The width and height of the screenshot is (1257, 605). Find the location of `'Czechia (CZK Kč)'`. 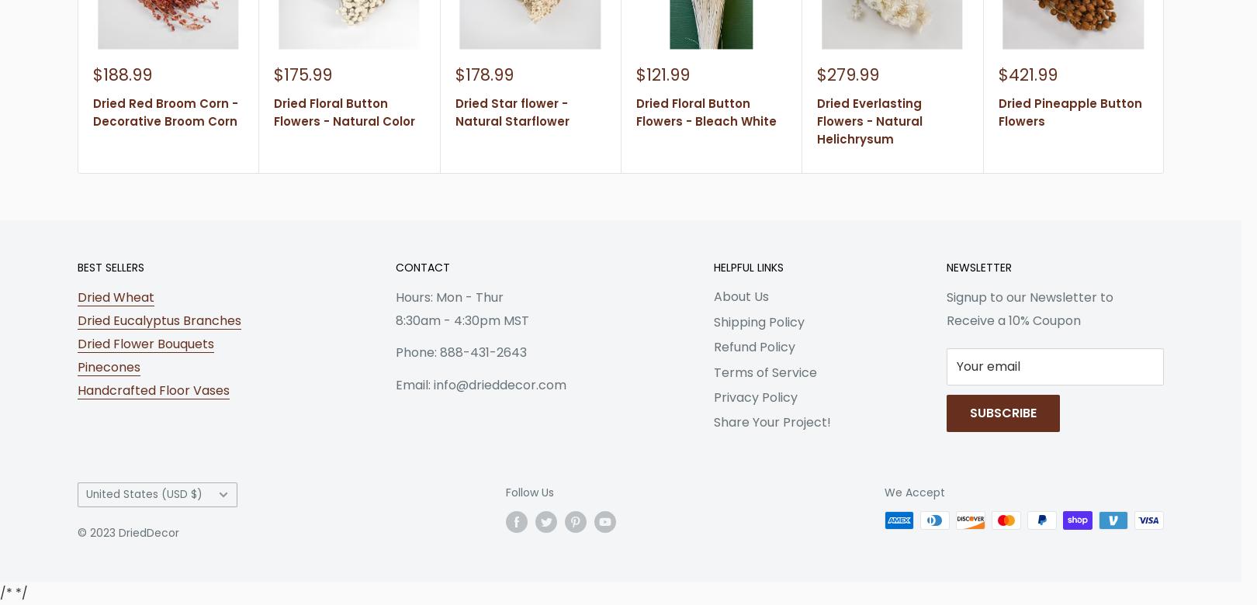

'Czechia (CZK Kč)' is located at coordinates (116, 352).